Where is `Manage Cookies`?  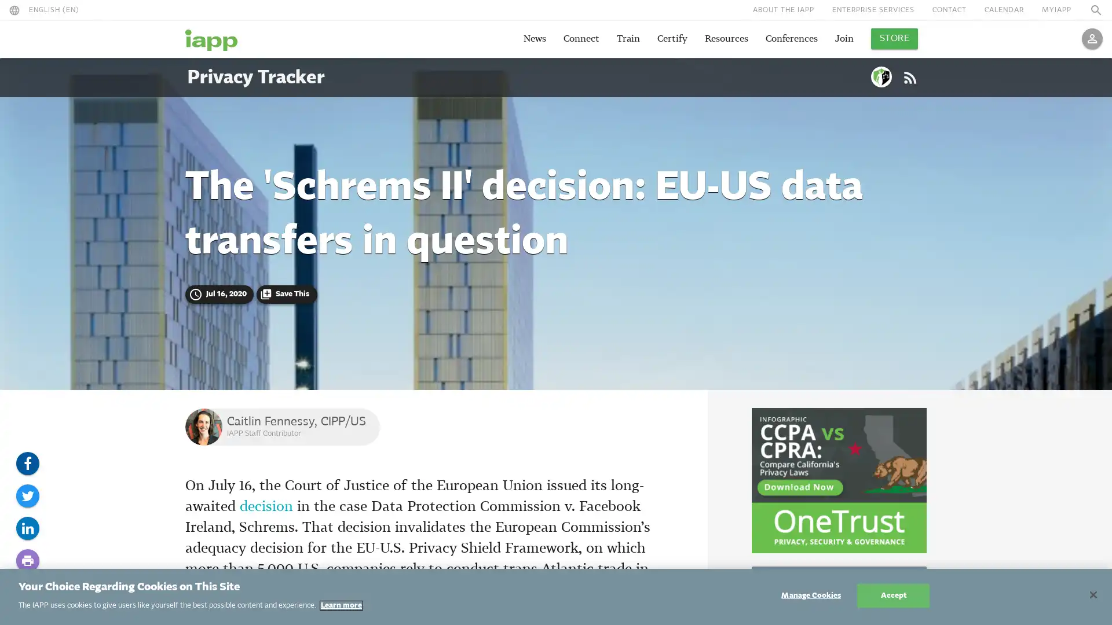 Manage Cookies is located at coordinates (810, 595).